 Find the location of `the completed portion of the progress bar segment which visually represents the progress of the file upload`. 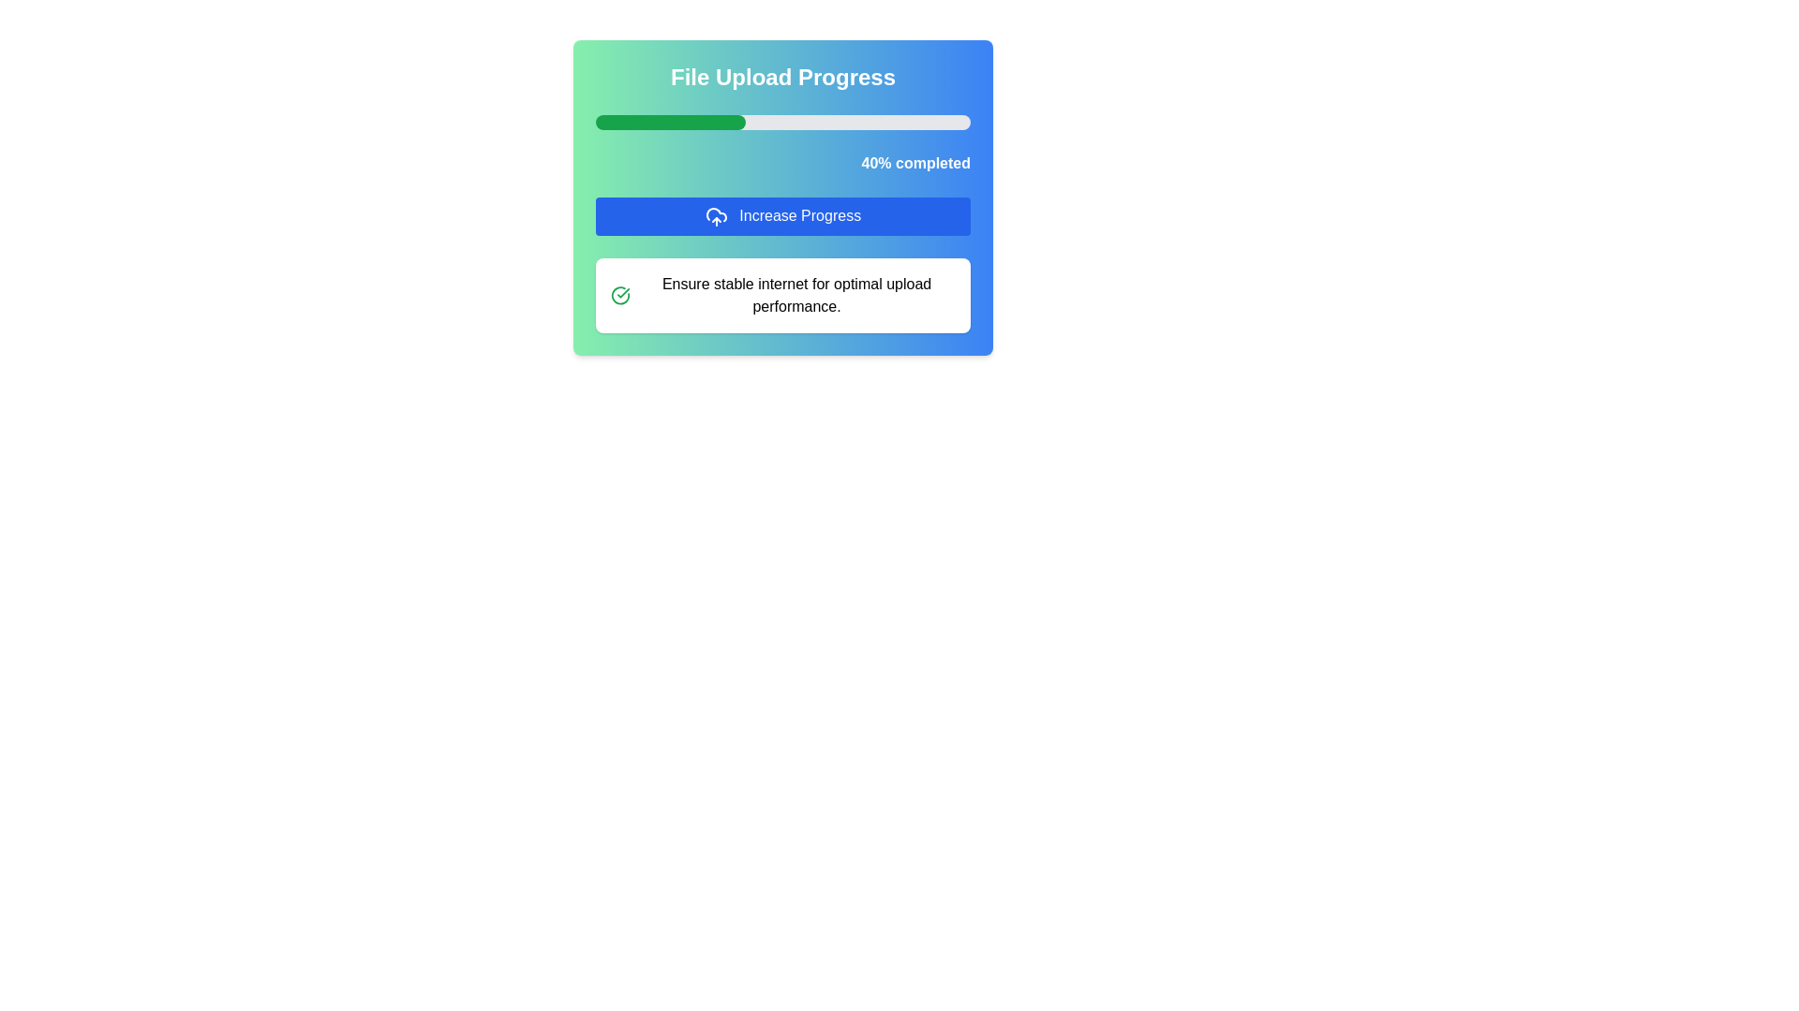

the completed portion of the progress bar segment which visually represents the progress of the file upload is located at coordinates (670, 123).